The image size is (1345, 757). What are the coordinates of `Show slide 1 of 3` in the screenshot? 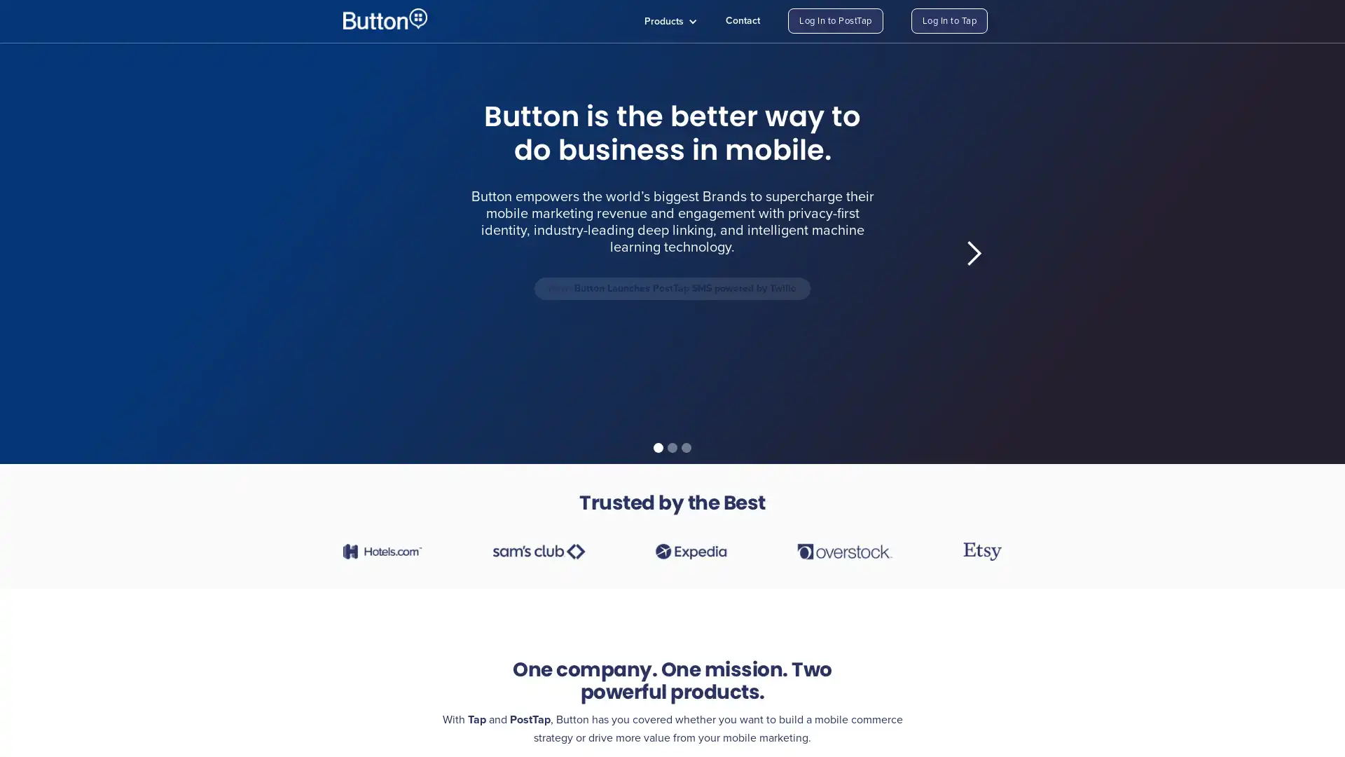 It's located at (658, 448).